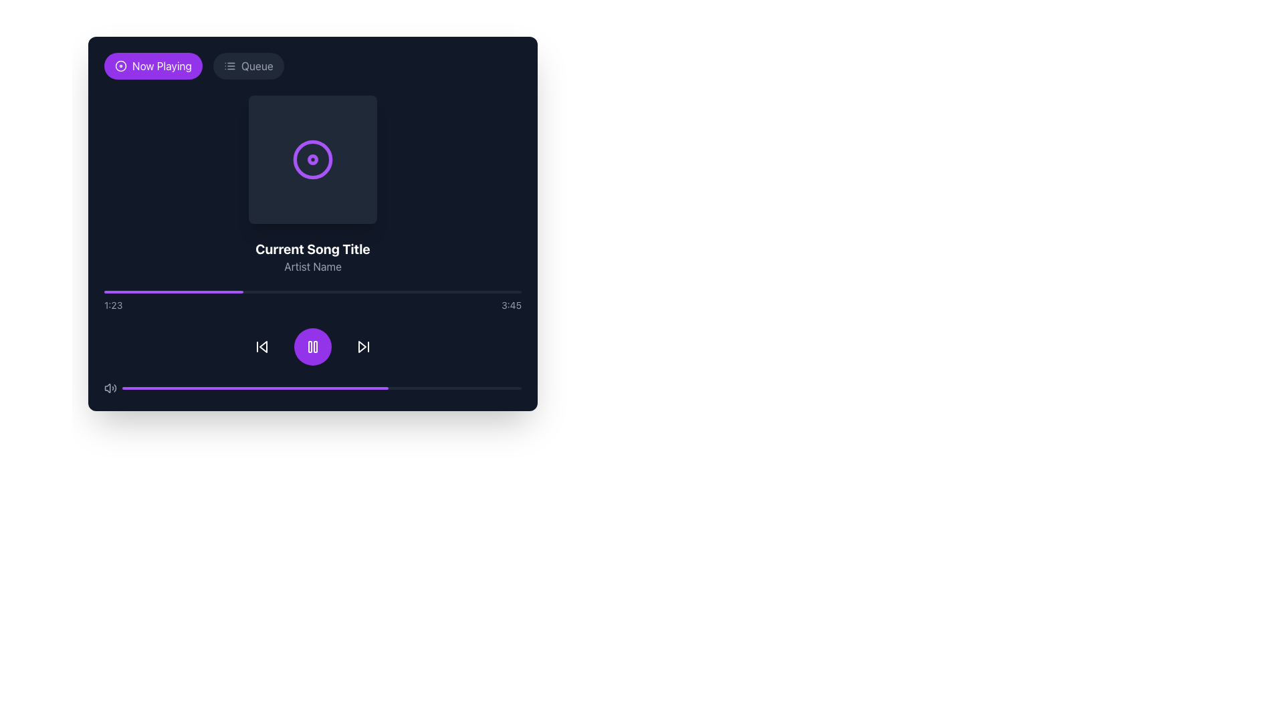 The height and width of the screenshot is (722, 1284). What do you see at coordinates (312, 346) in the screenshot?
I see `the pause button for media playback, located at the center bottom of the interface` at bounding box center [312, 346].